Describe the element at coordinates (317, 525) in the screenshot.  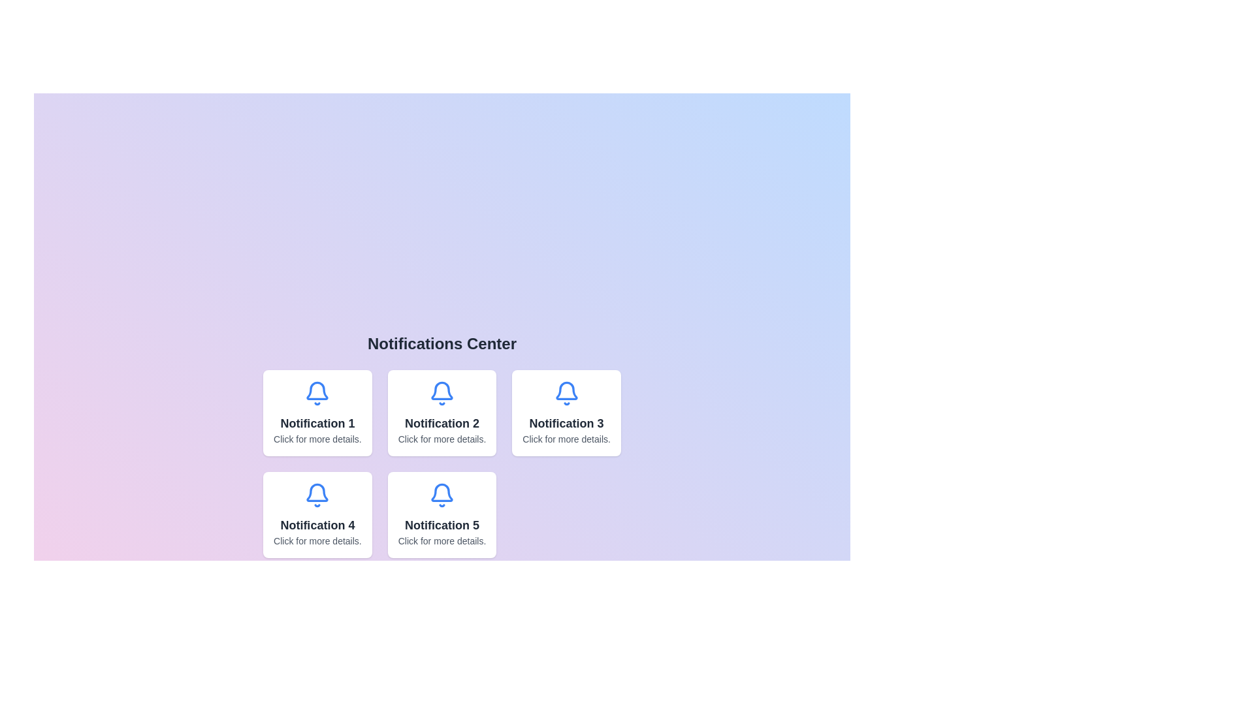
I see `the text label indicating 'Notification 4', which is positioned in the bottom-left of the notification card layout` at that location.